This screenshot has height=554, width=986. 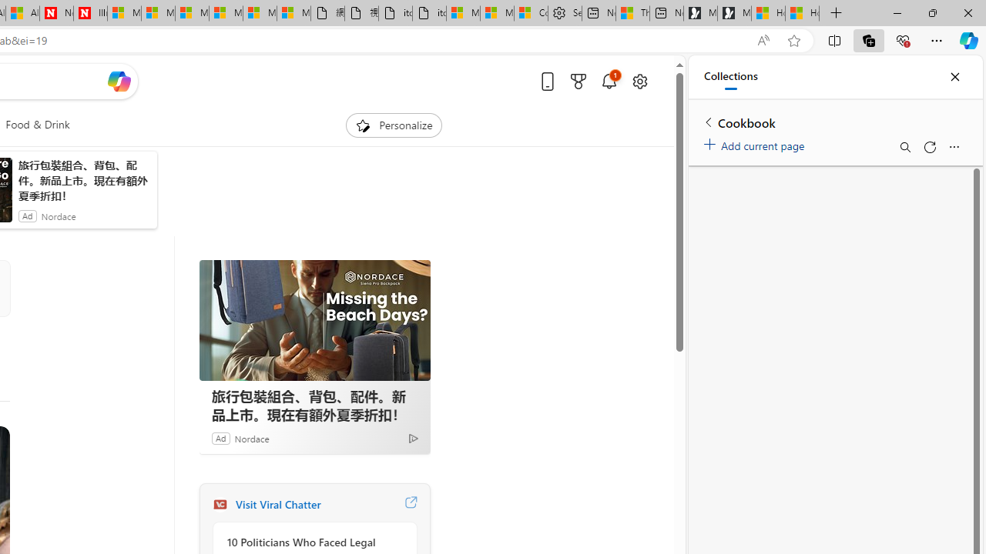 I want to click on 'More options menu', so click(x=953, y=147).